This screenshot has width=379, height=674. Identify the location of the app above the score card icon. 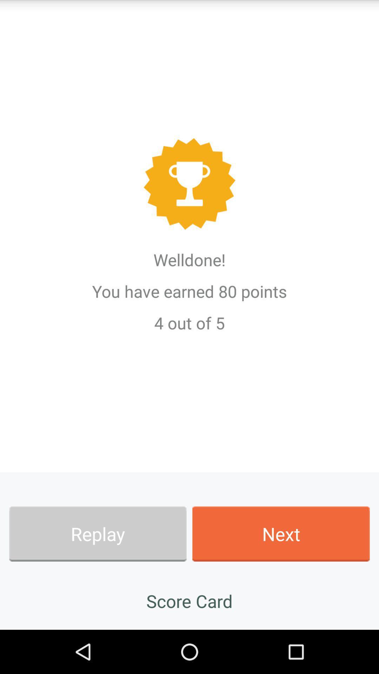
(98, 534).